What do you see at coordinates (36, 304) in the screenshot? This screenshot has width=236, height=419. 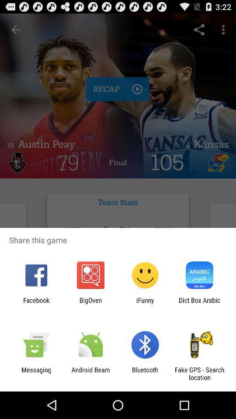 I see `the item to the left of bigoven item` at bounding box center [36, 304].